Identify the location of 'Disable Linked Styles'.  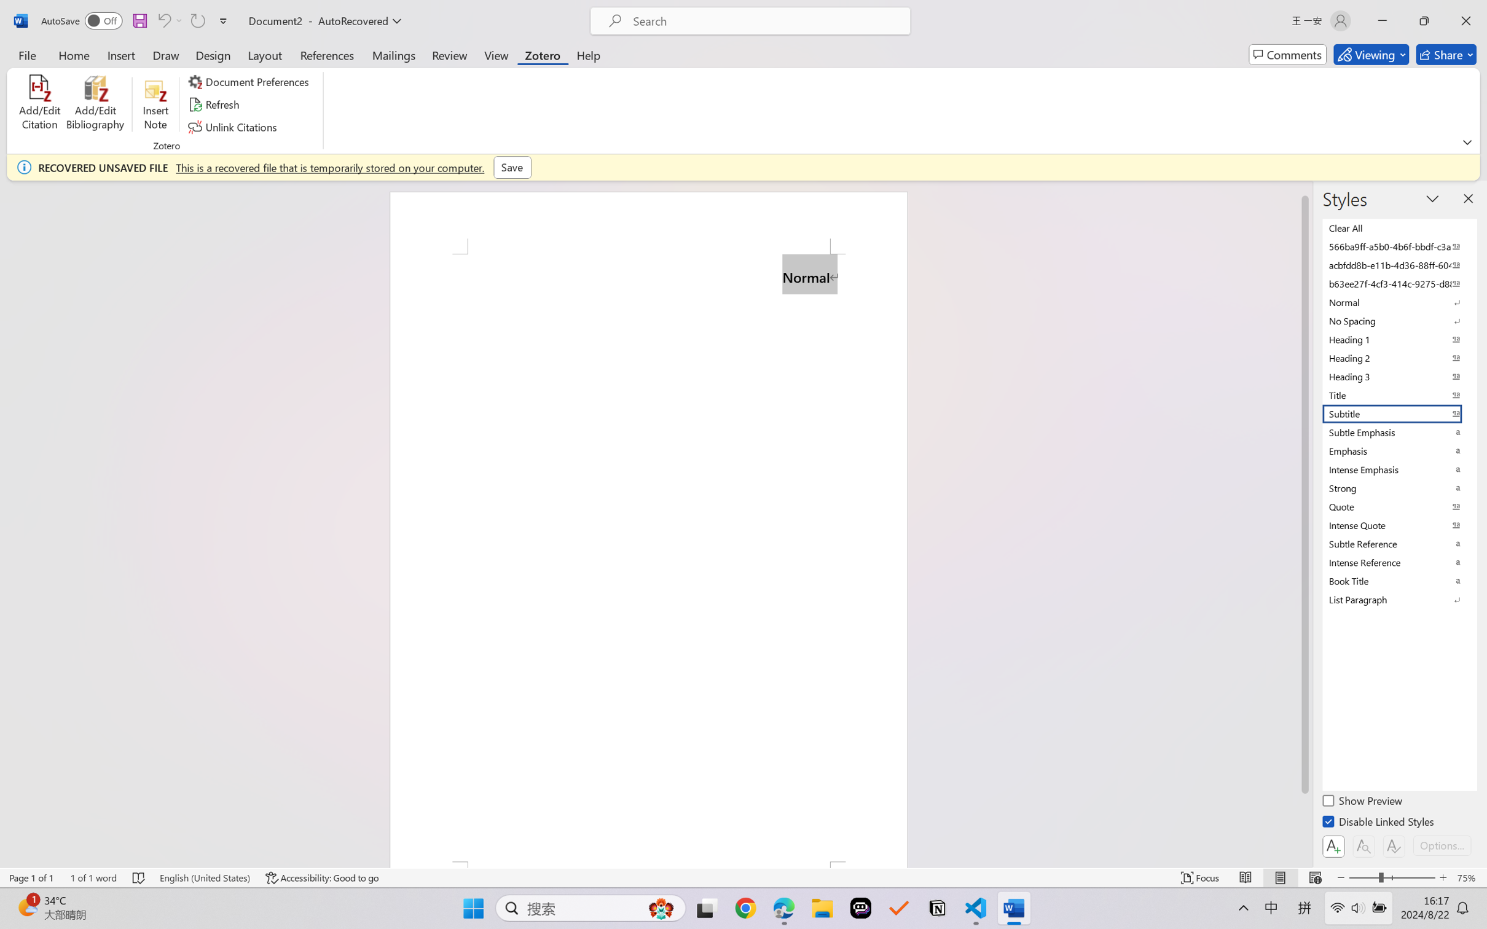
(1378, 823).